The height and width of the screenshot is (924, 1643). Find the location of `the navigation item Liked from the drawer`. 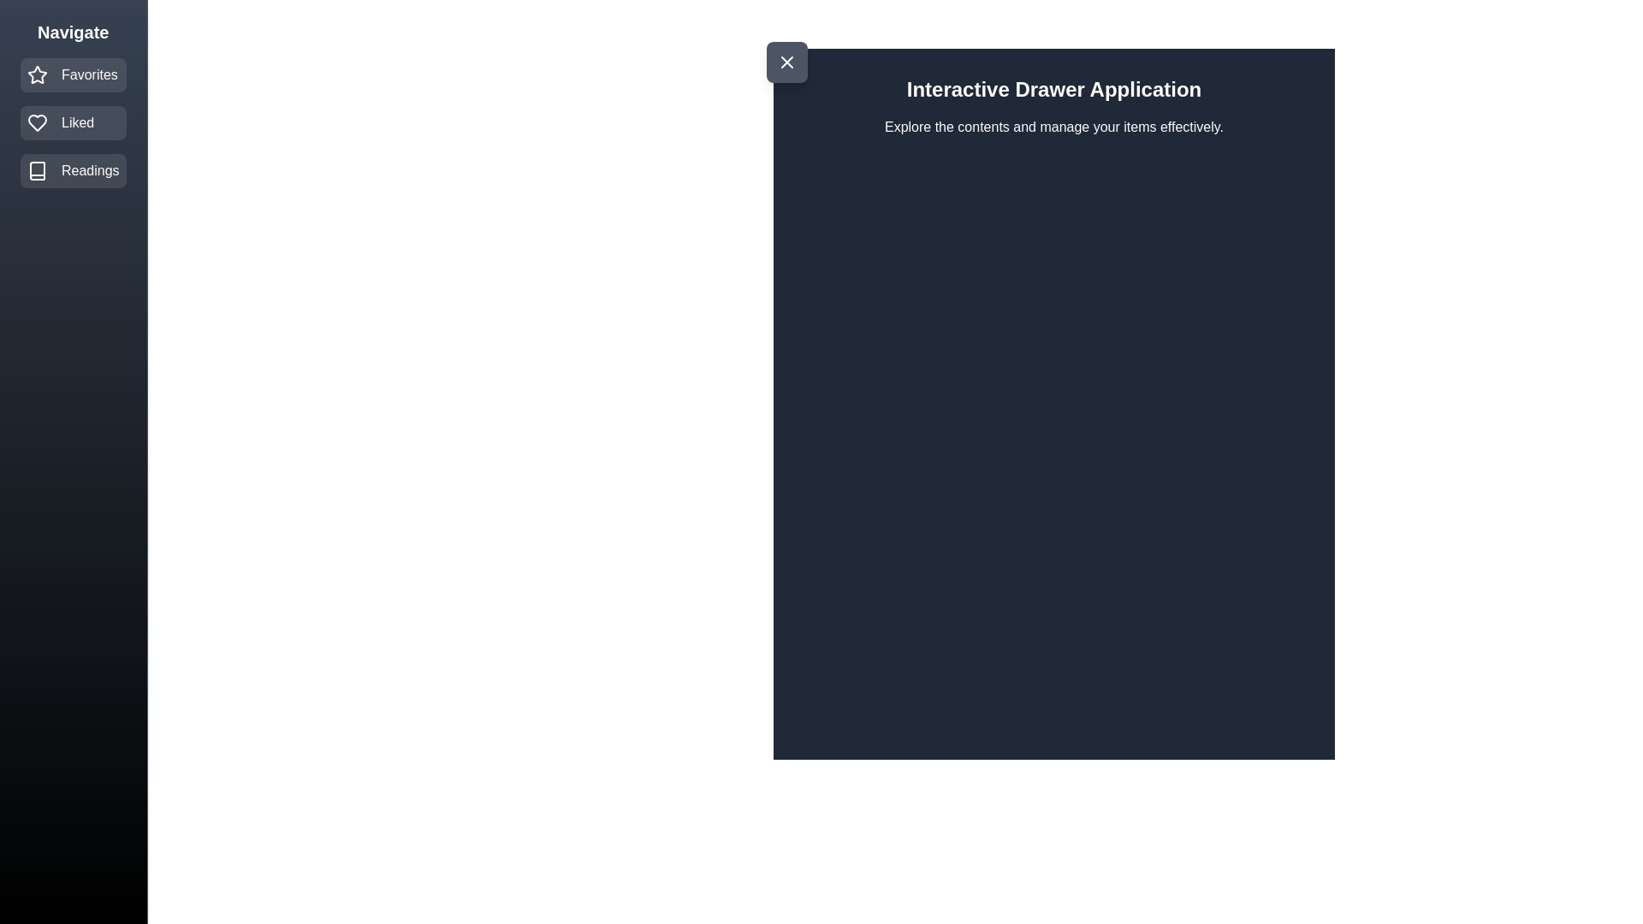

the navigation item Liked from the drawer is located at coordinates (72, 121).